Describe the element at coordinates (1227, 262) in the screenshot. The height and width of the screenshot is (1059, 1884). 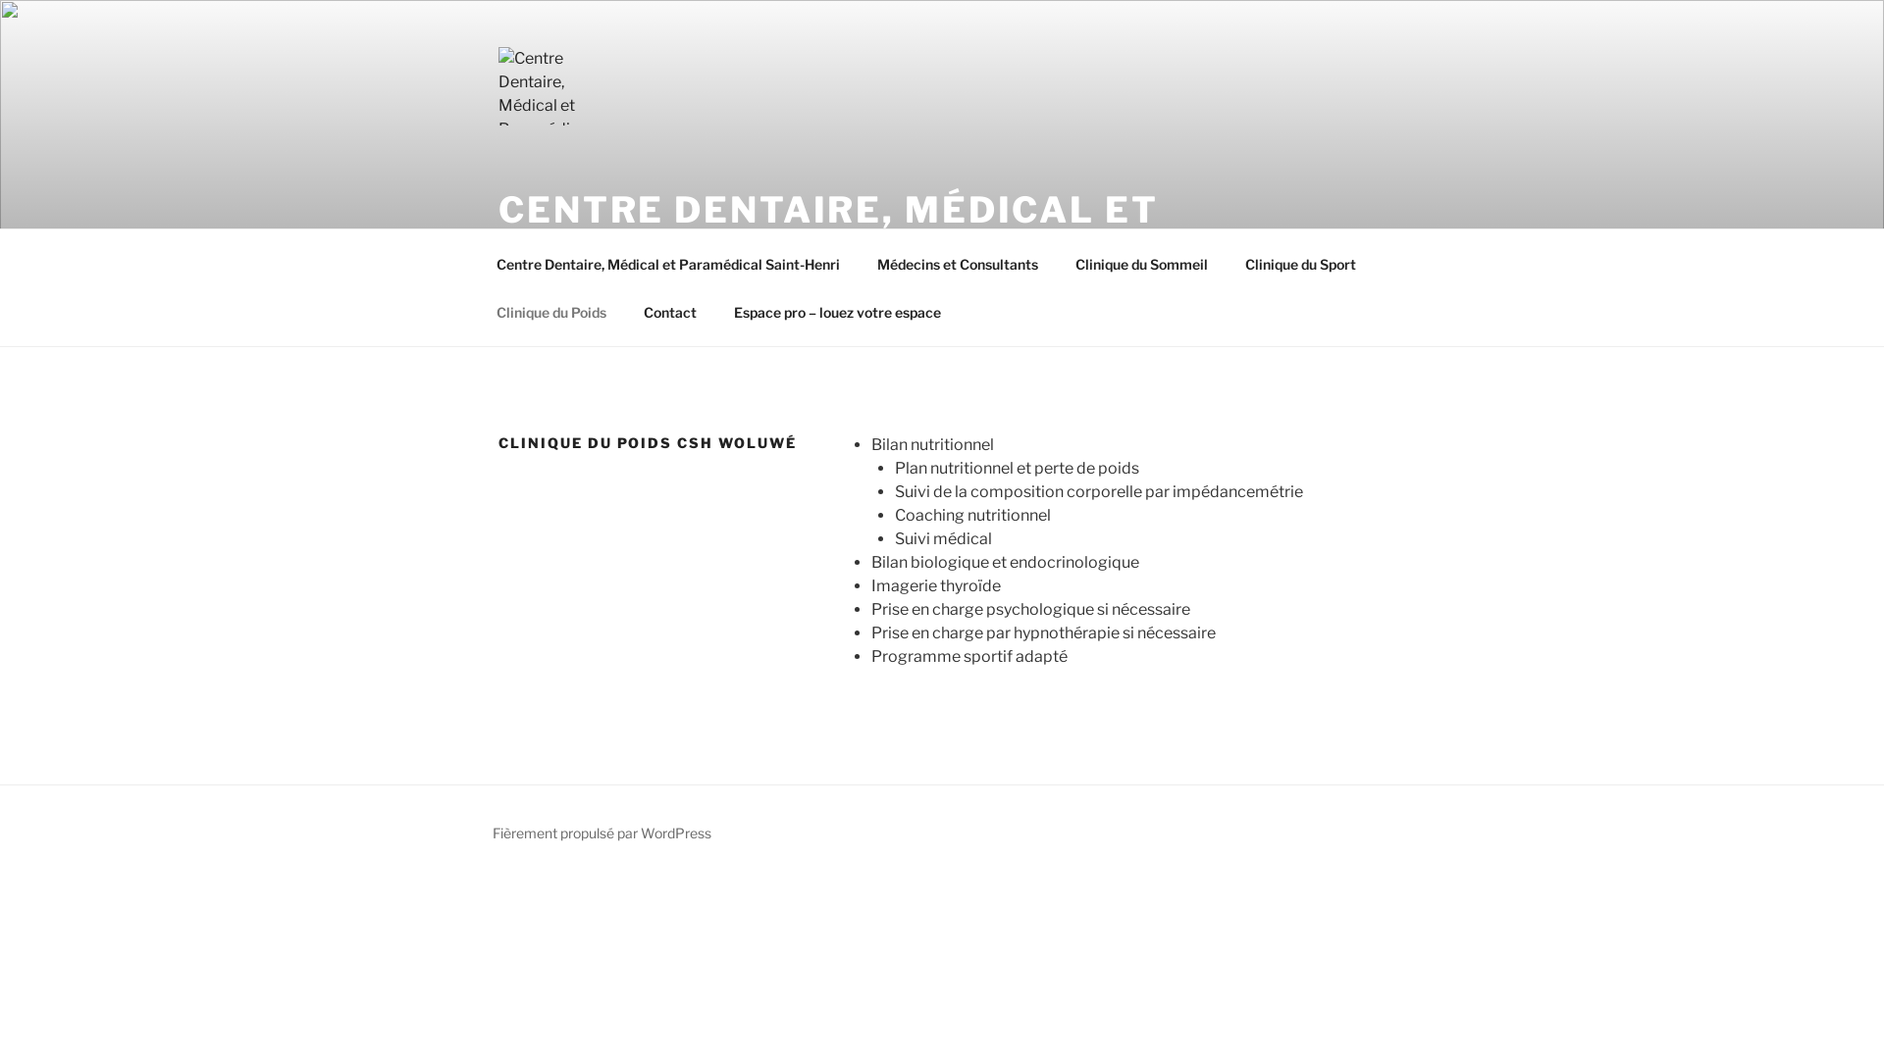
I see `'Clinique du Sport'` at that location.